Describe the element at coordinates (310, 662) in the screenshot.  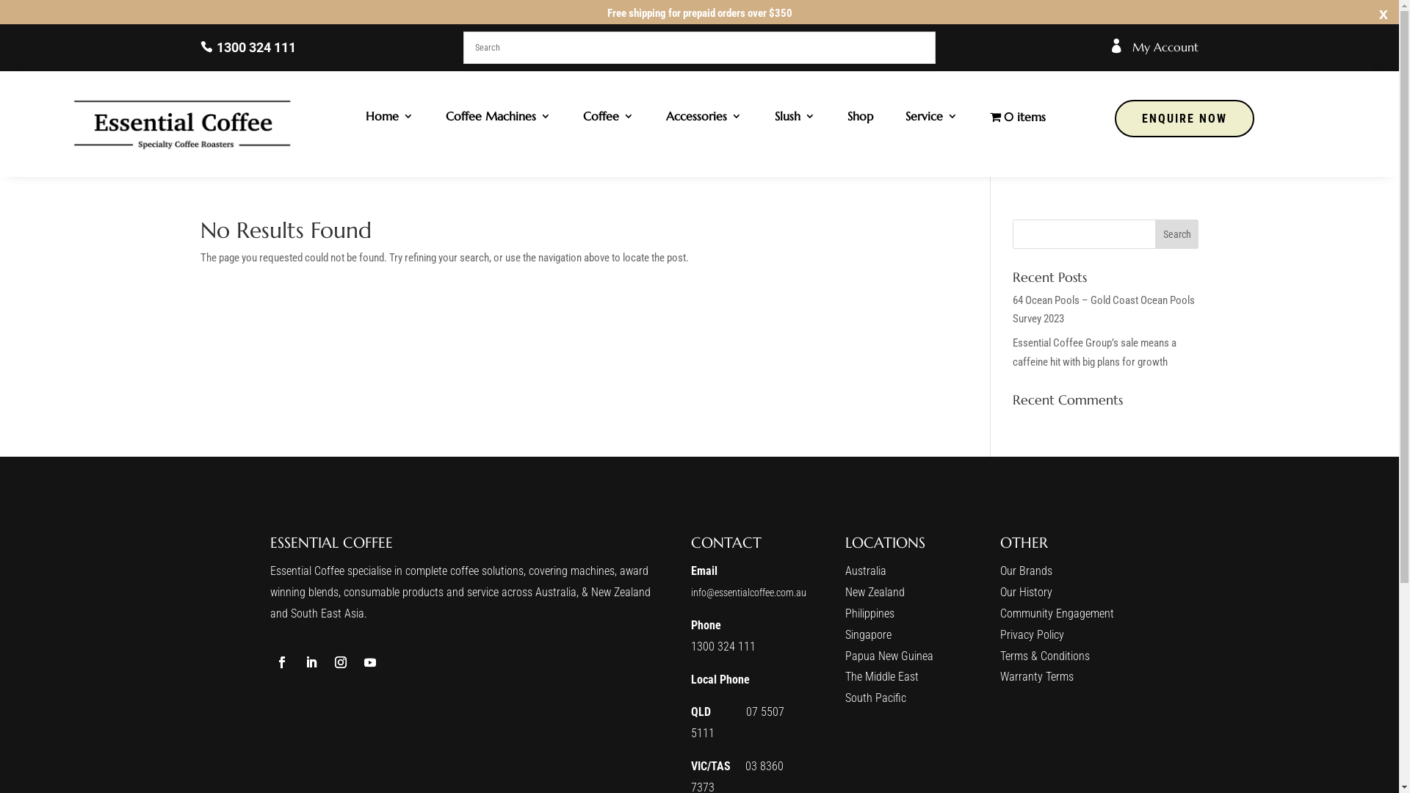
I see `'Follow on LinkedIn'` at that location.